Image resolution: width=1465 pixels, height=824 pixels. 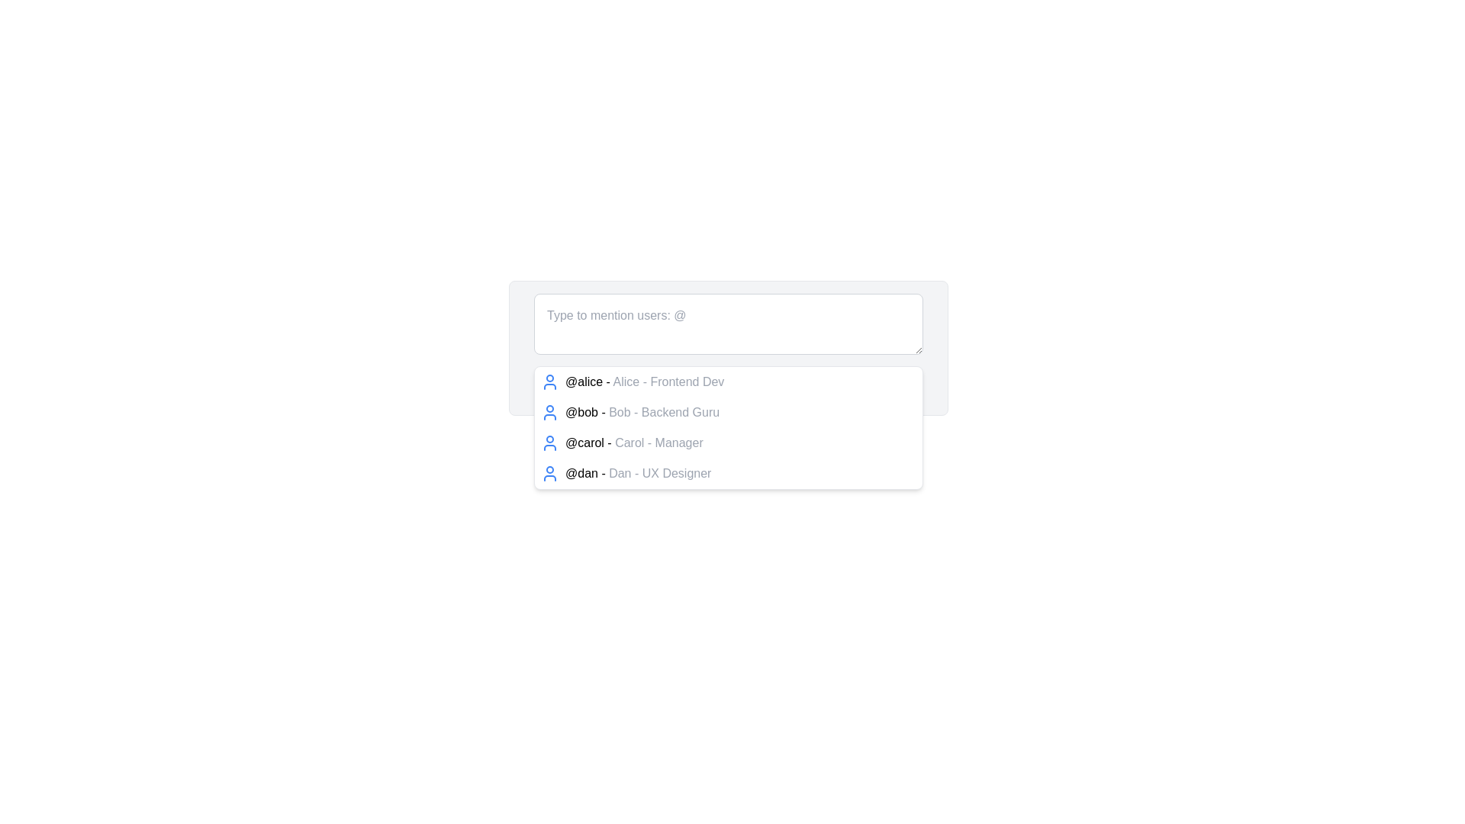 What do you see at coordinates (668, 381) in the screenshot?
I see `text content of the dropdown list item displaying 'Alice - Frontend Dev' located below the input field for mentioning users` at bounding box center [668, 381].